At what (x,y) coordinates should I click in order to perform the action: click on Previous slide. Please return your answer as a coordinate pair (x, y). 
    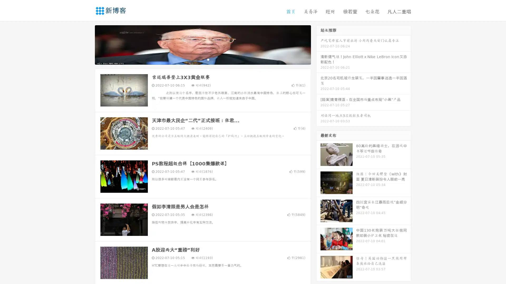
    Looking at the image, I should click on (87, 44).